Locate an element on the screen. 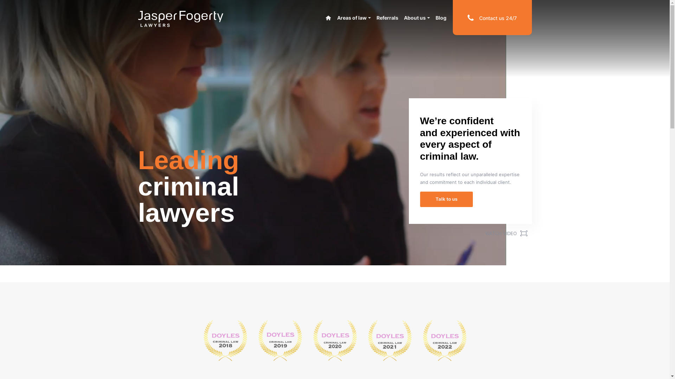 Image resolution: width=675 pixels, height=379 pixels. 'Areas of law' is located at coordinates (354, 17).